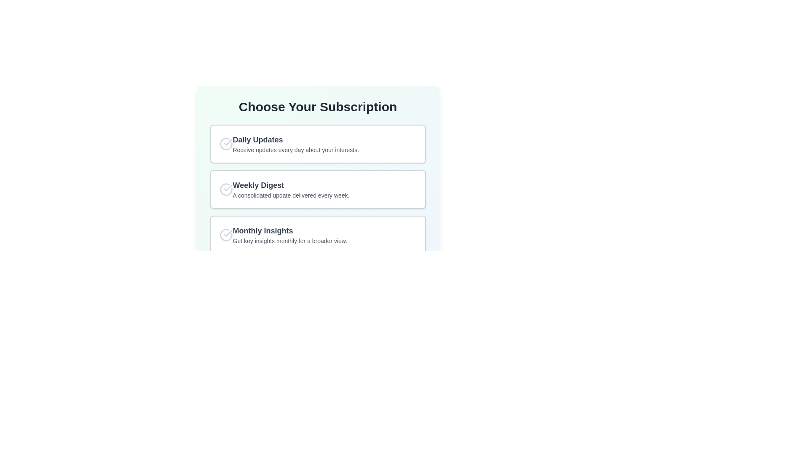  What do you see at coordinates (291, 195) in the screenshot?
I see `the text label that reads 'A consolidated update delivered every week.' which is styled in small gray font and positioned below the 'Weekly Digest' heading` at bounding box center [291, 195].